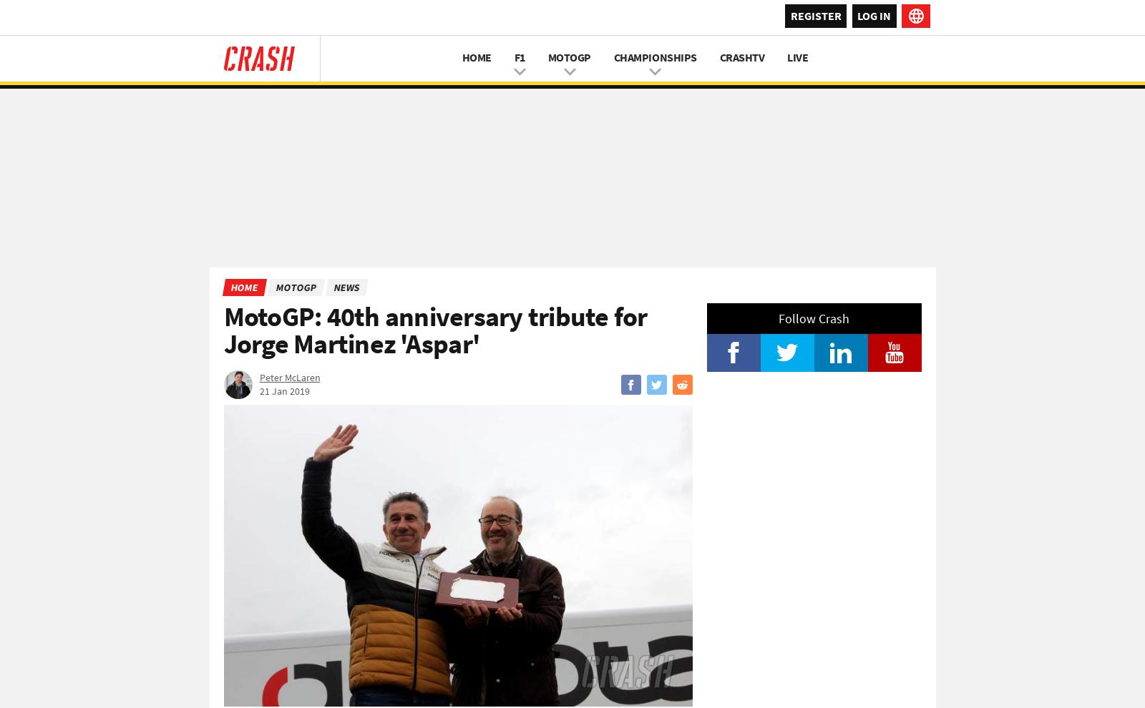 The width and height of the screenshot is (1145, 708). I want to click on 'MotoGP', so click(294, 287).